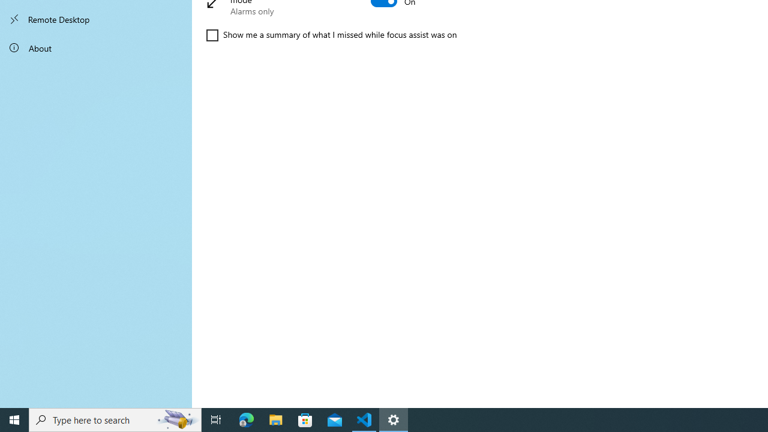  What do you see at coordinates (246, 419) in the screenshot?
I see `'Microsoft Edge'` at bounding box center [246, 419].